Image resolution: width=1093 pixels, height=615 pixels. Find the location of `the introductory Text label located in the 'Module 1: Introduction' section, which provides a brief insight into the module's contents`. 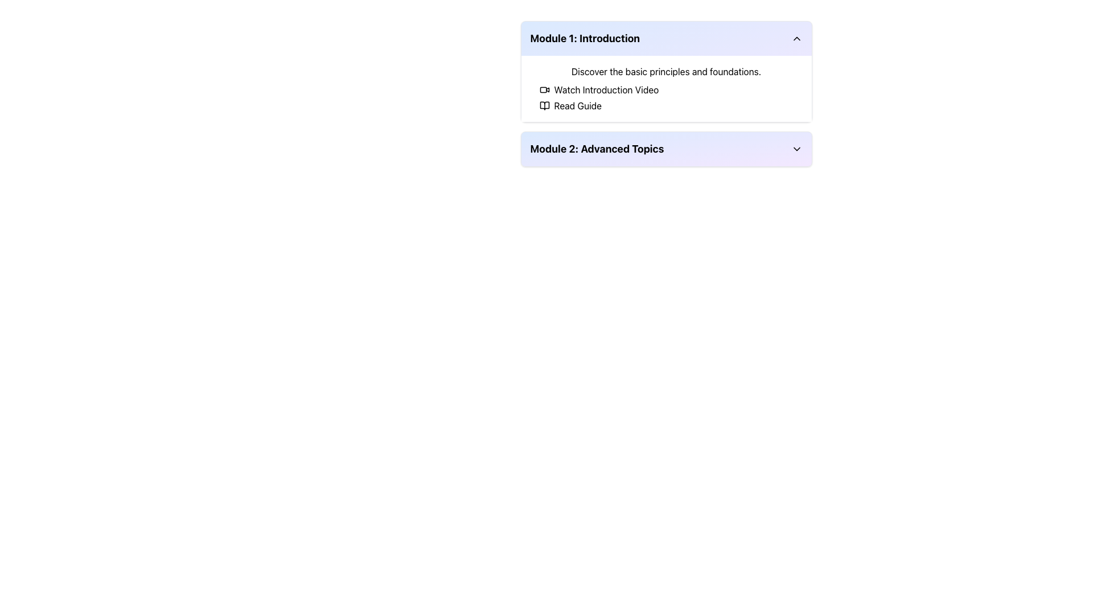

the introductory Text label located in the 'Module 1: Introduction' section, which provides a brief insight into the module's contents is located at coordinates (666, 72).